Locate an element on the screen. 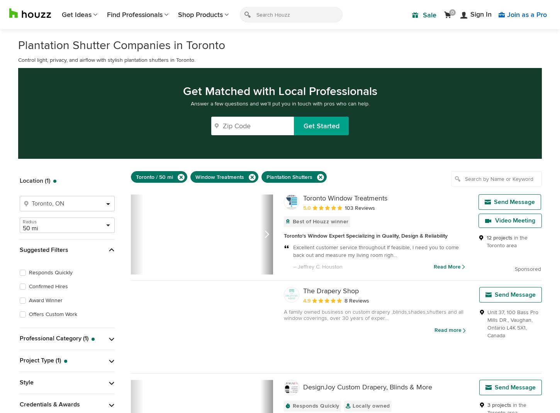 The width and height of the screenshot is (560, 413). '8 Reviews' is located at coordinates (356, 300).